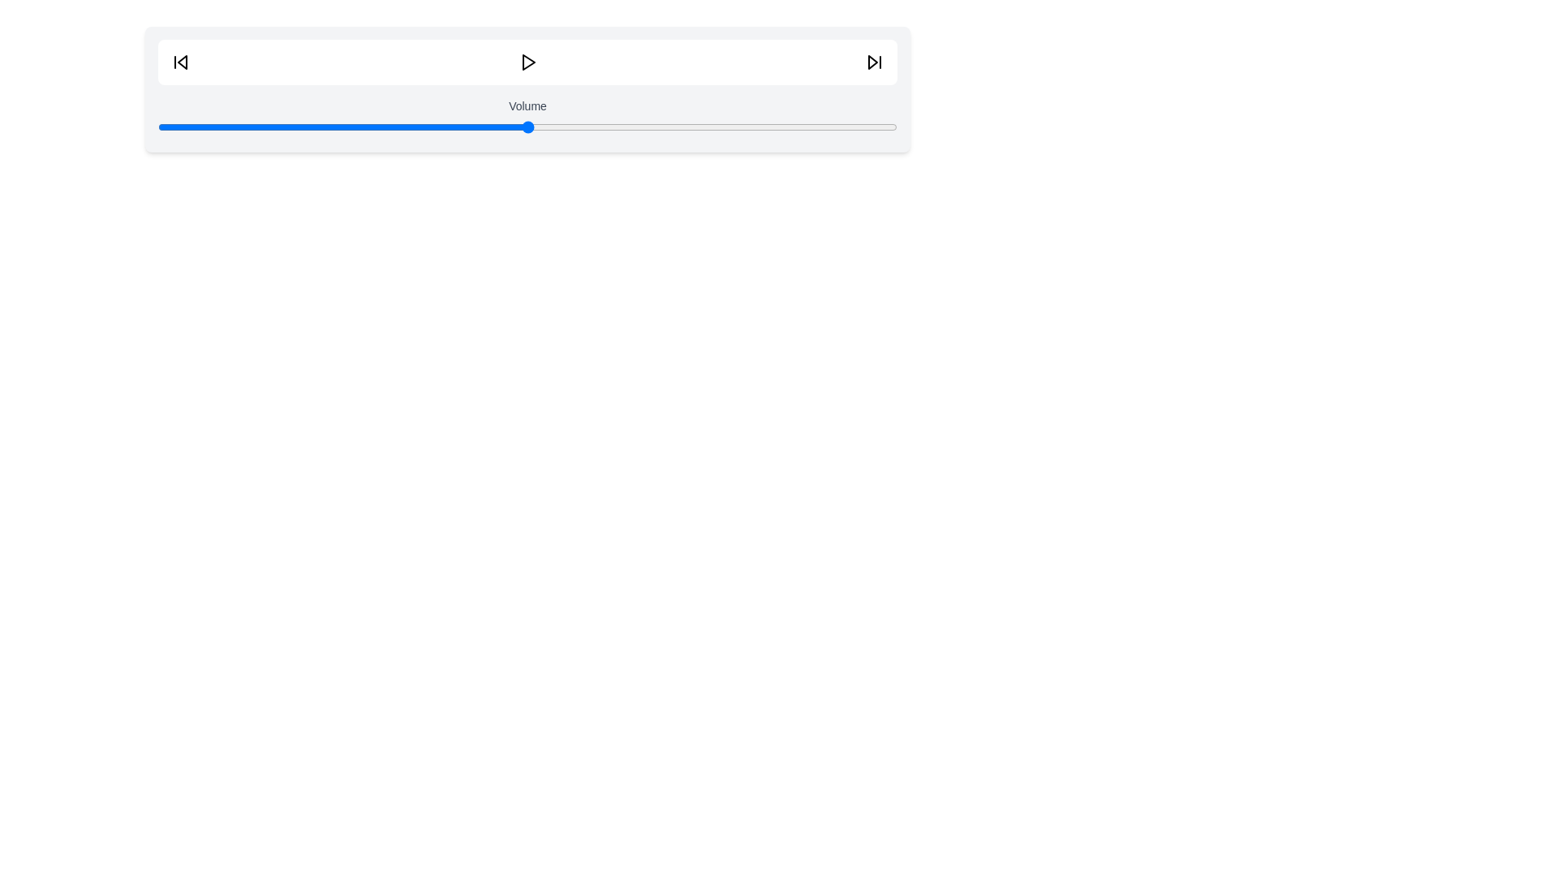 The image size is (1558, 876). Describe the element at coordinates (446, 127) in the screenshot. I see `the volume level` at that location.